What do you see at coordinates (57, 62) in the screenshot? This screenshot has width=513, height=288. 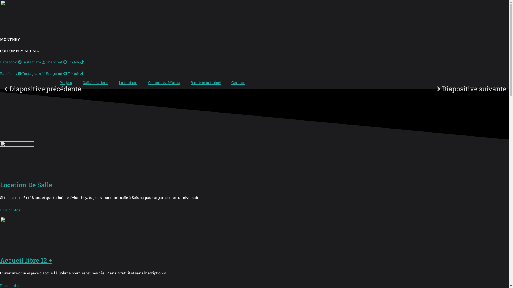 I see `'Snapchat'` at bounding box center [57, 62].